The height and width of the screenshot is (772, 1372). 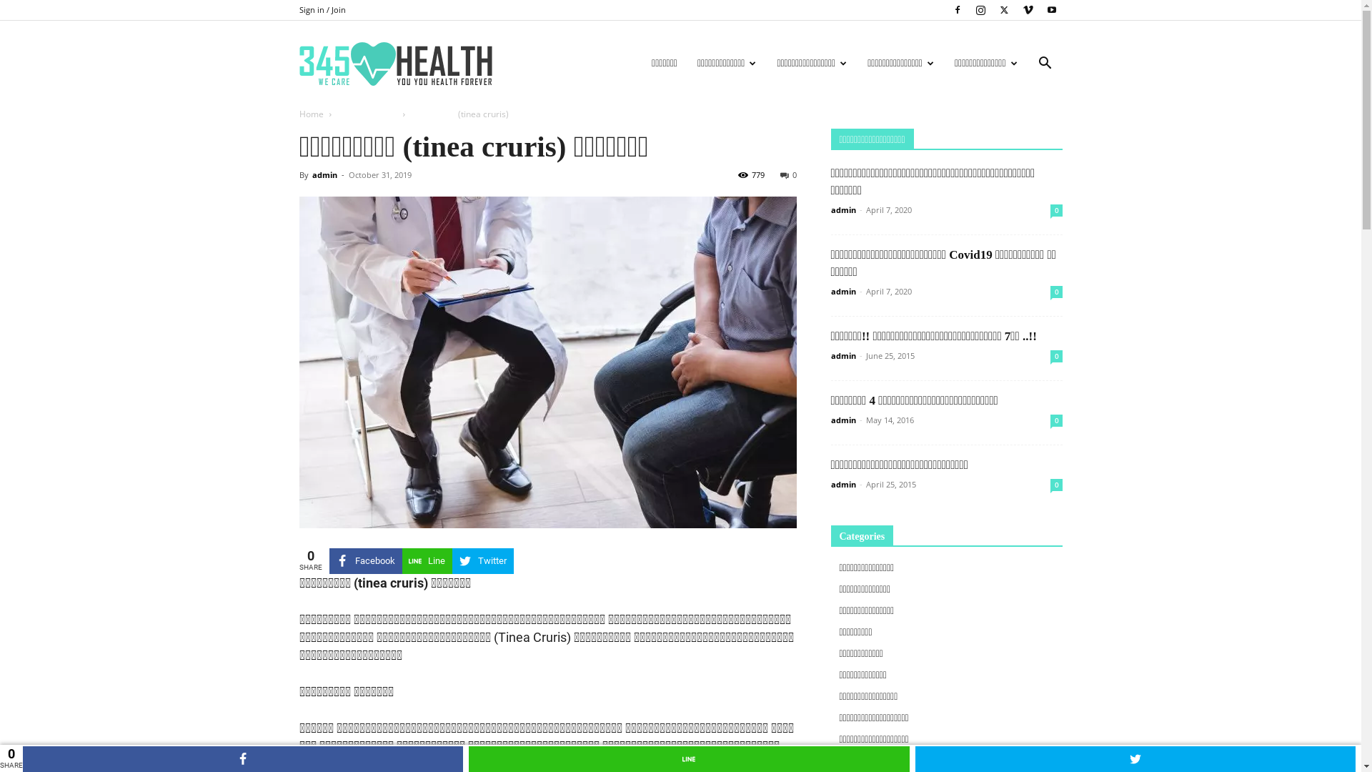 I want to click on 'Twitter', so click(x=482, y=560).